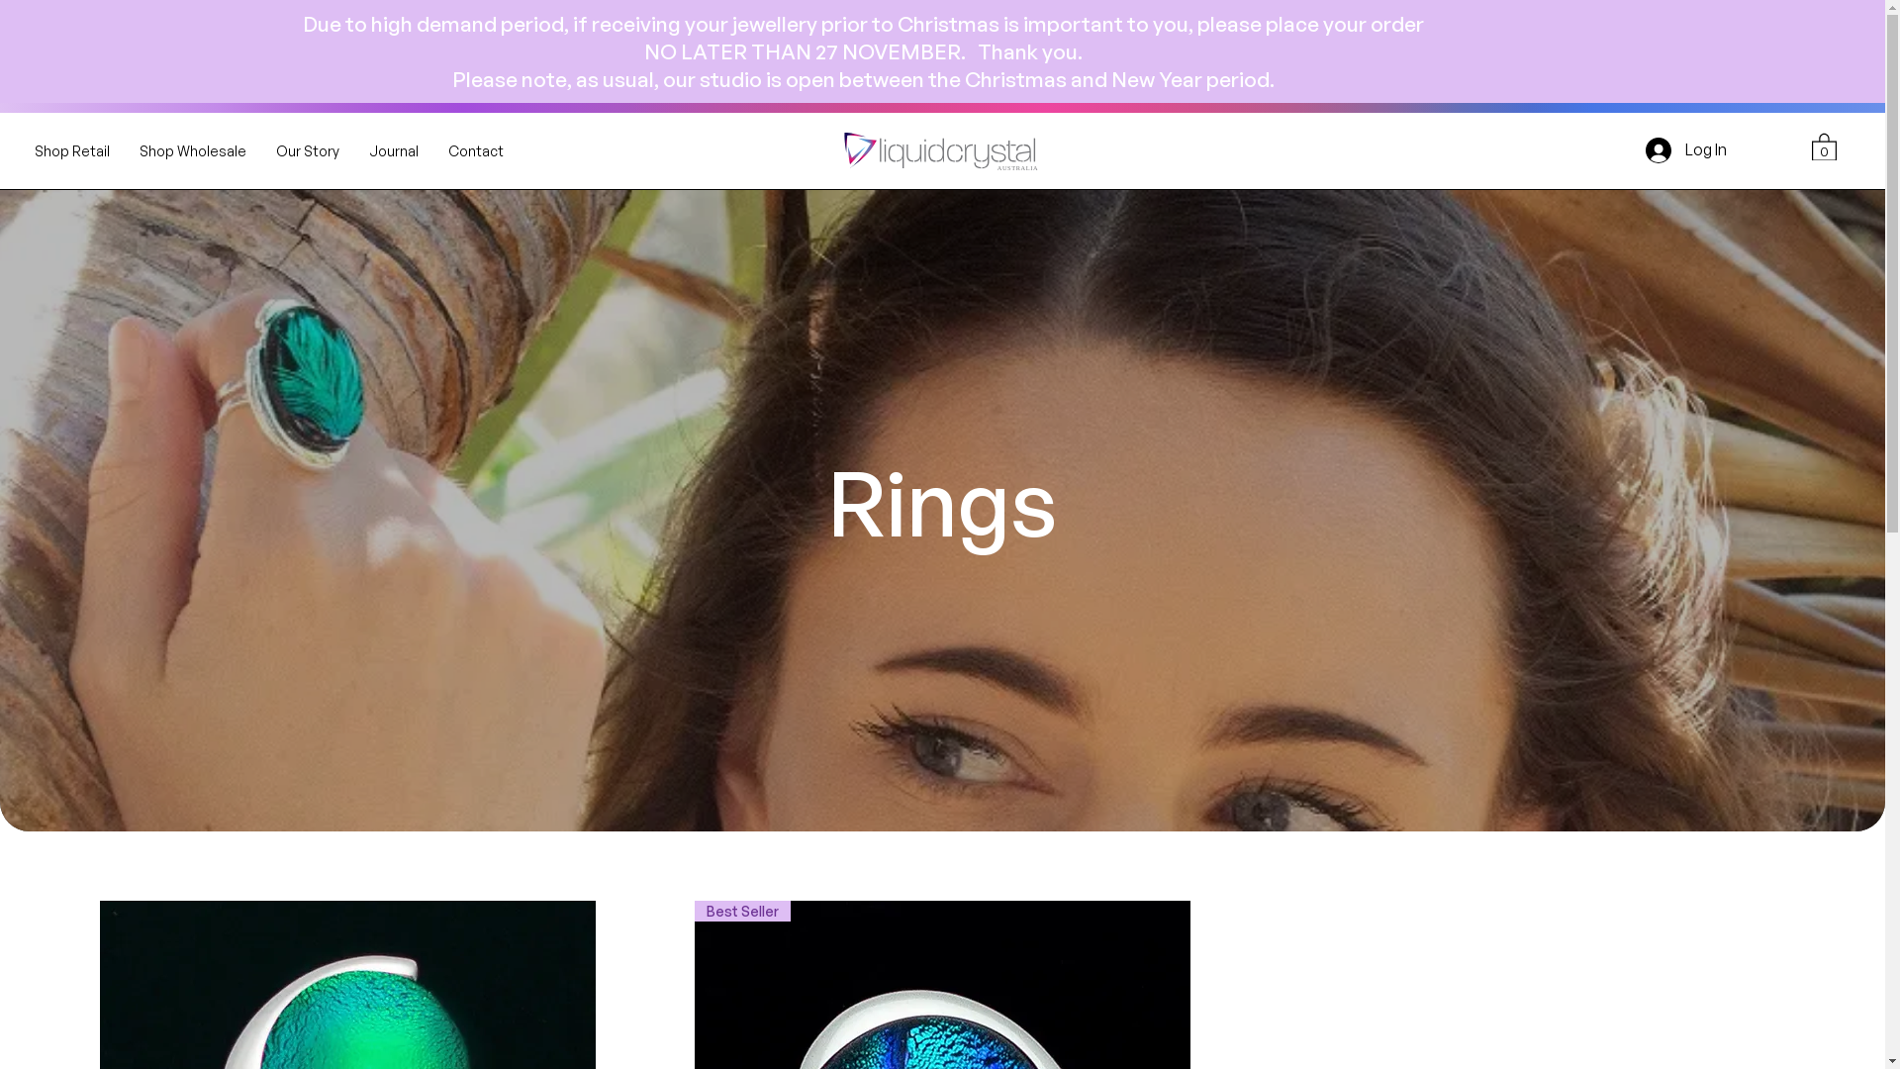 This screenshot has height=1069, width=1900. I want to click on 'Our Story', so click(307, 149).